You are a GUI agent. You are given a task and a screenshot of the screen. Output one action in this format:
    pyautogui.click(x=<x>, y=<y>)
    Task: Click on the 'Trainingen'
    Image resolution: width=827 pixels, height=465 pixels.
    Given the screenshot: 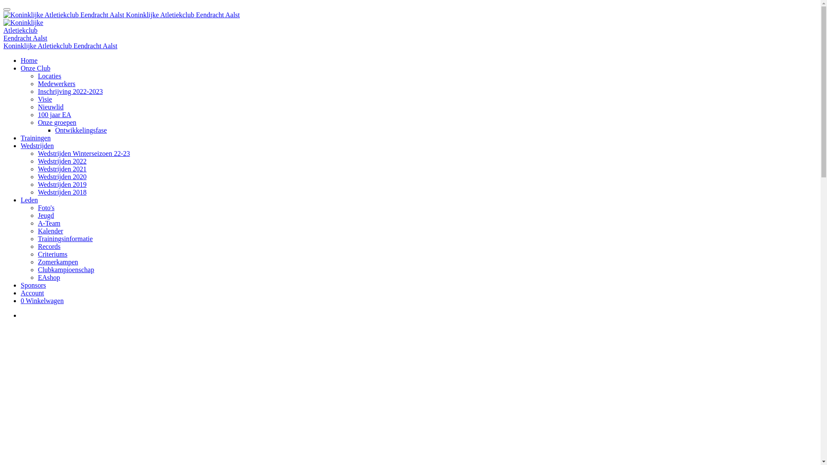 What is the action you would take?
    pyautogui.click(x=35, y=137)
    